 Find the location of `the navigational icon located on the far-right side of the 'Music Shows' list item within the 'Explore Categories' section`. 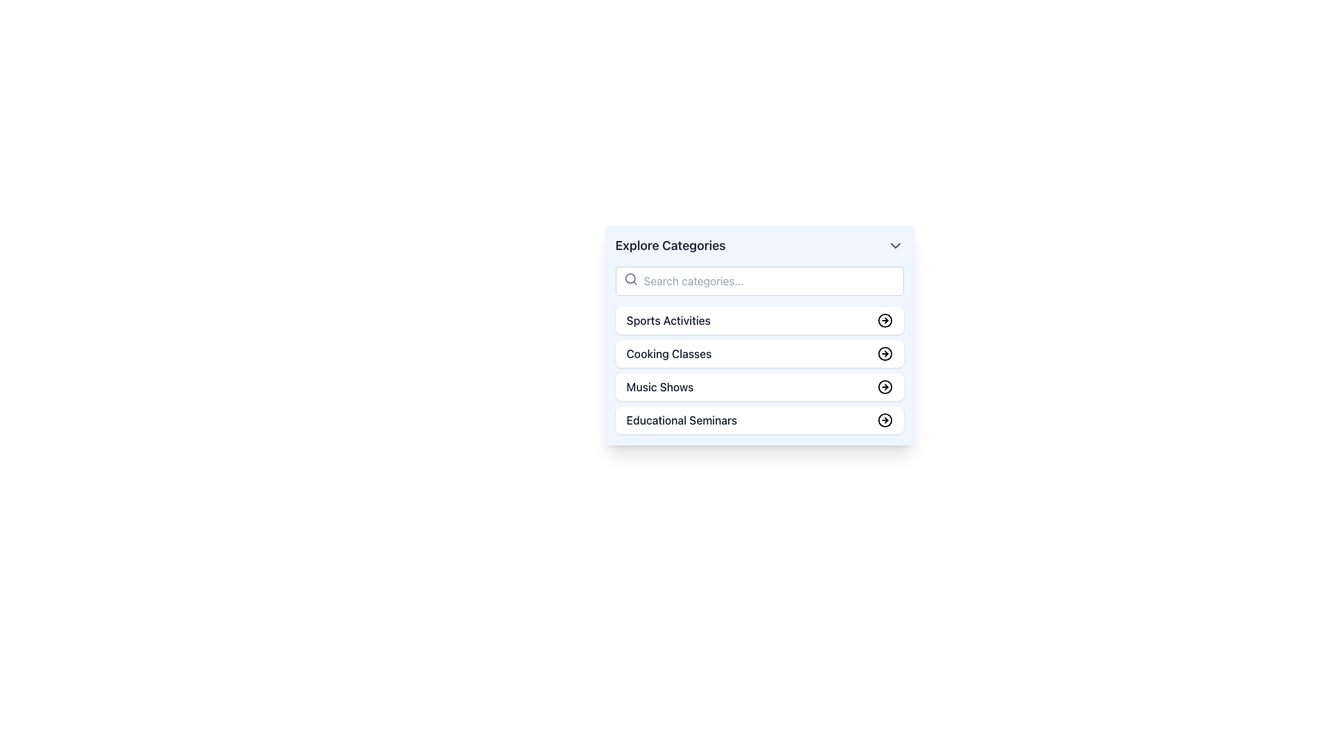

the navigational icon located on the far-right side of the 'Music Shows' list item within the 'Explore Categories' section is located at coordinates (884, 387).